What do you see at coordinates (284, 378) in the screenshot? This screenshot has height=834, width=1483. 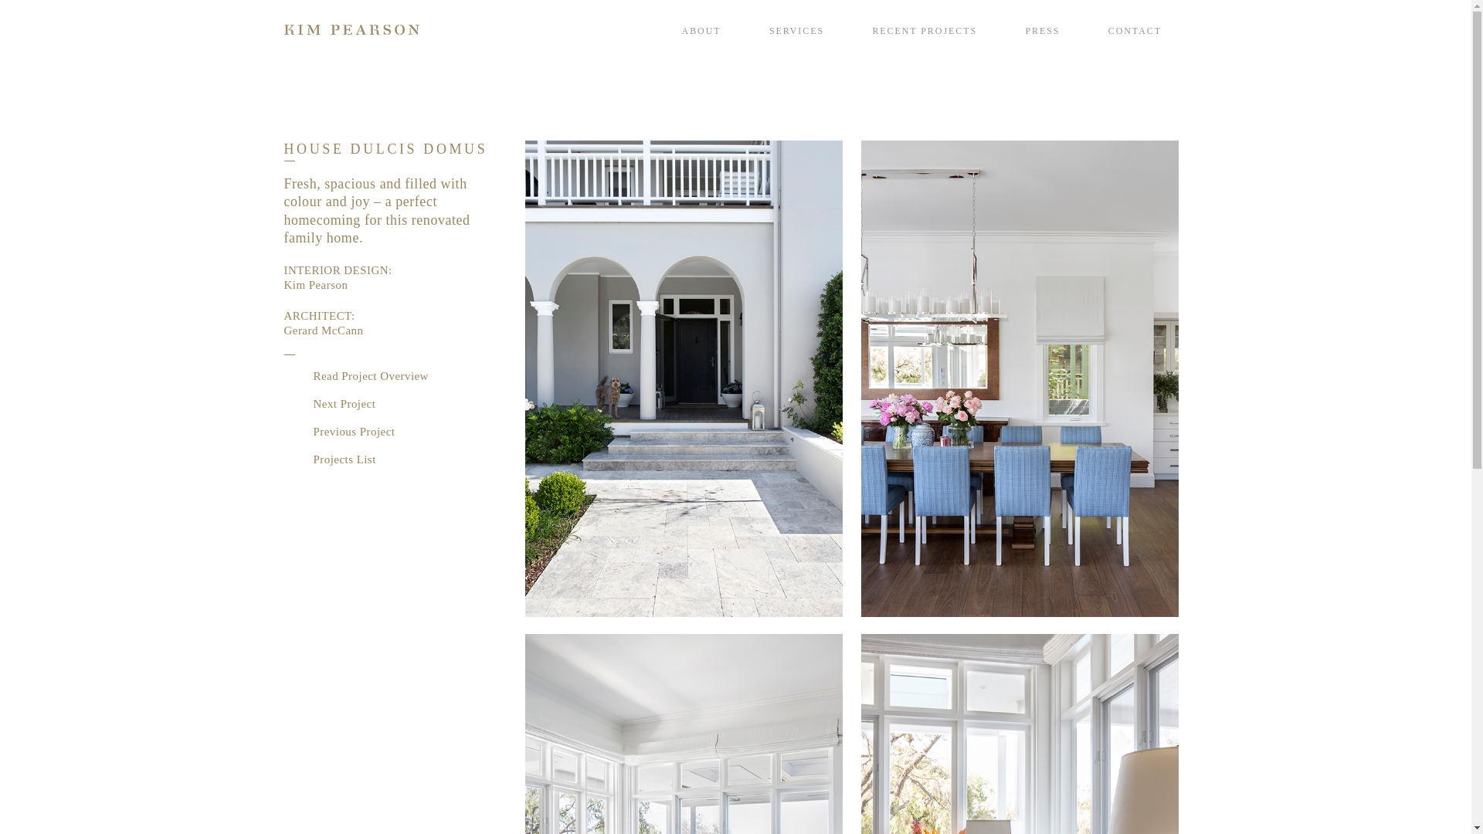 I see `'Read Project Overview'` at bounding box center [284, 378].